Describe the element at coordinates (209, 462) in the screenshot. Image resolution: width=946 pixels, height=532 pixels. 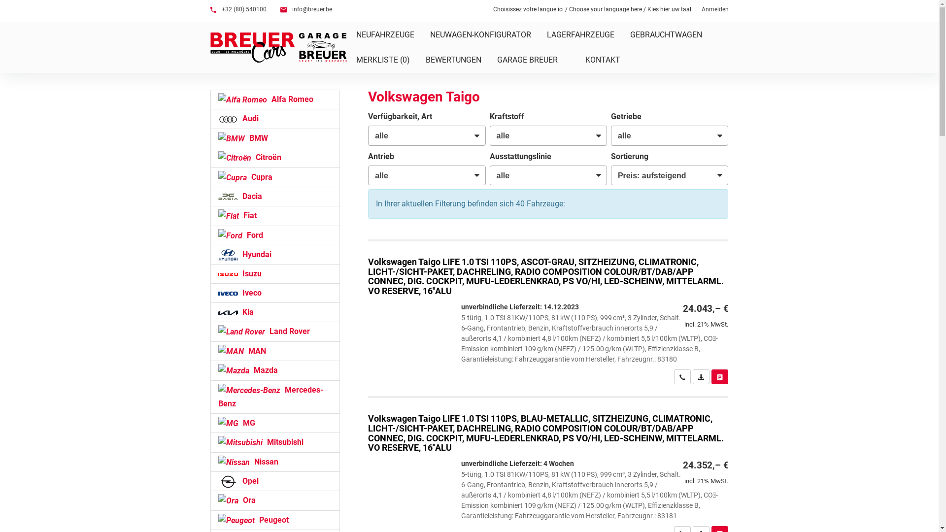
I see `'Nissan'` at that location.